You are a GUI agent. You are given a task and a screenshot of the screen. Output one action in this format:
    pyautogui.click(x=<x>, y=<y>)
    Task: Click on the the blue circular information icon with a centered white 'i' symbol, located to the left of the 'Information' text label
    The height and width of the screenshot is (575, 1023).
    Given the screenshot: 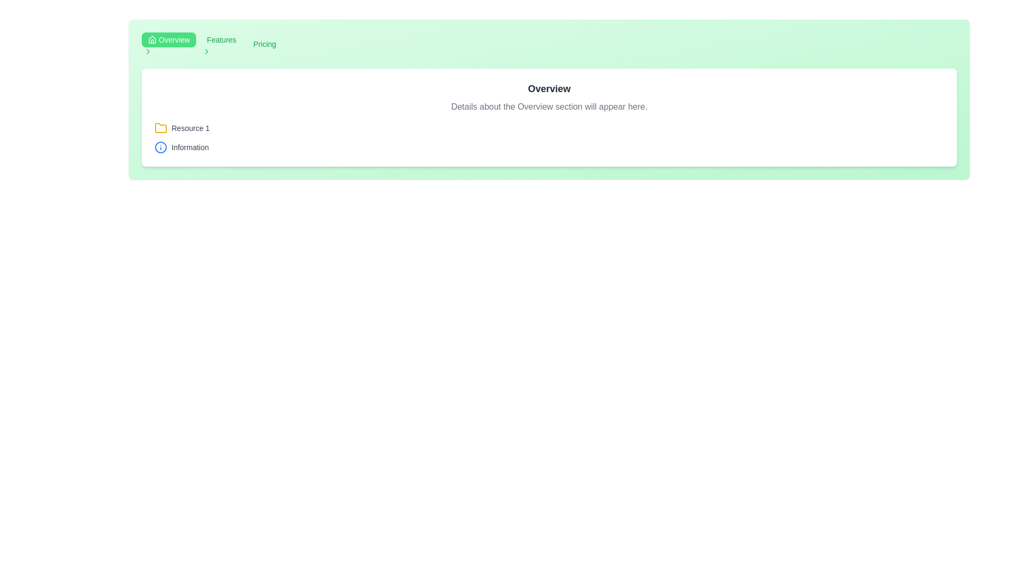 What is the action you would take?
    pyautogui.click(x=160, y=147)
    